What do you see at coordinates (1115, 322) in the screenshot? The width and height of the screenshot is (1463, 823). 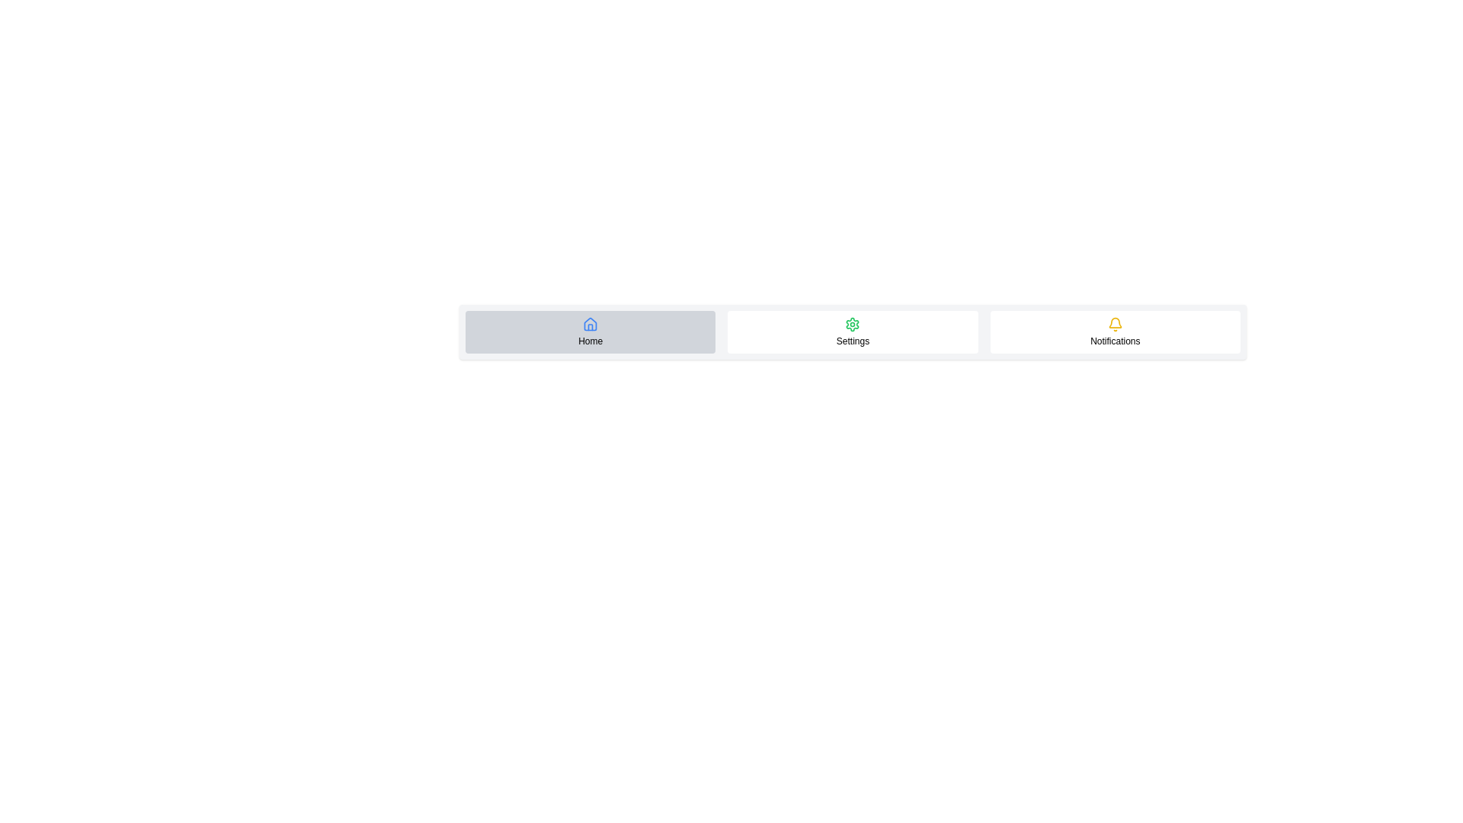 I see `the bell icon in the Notifications section located at the far right of the navigation bar` at bounding box center [1115, 322].